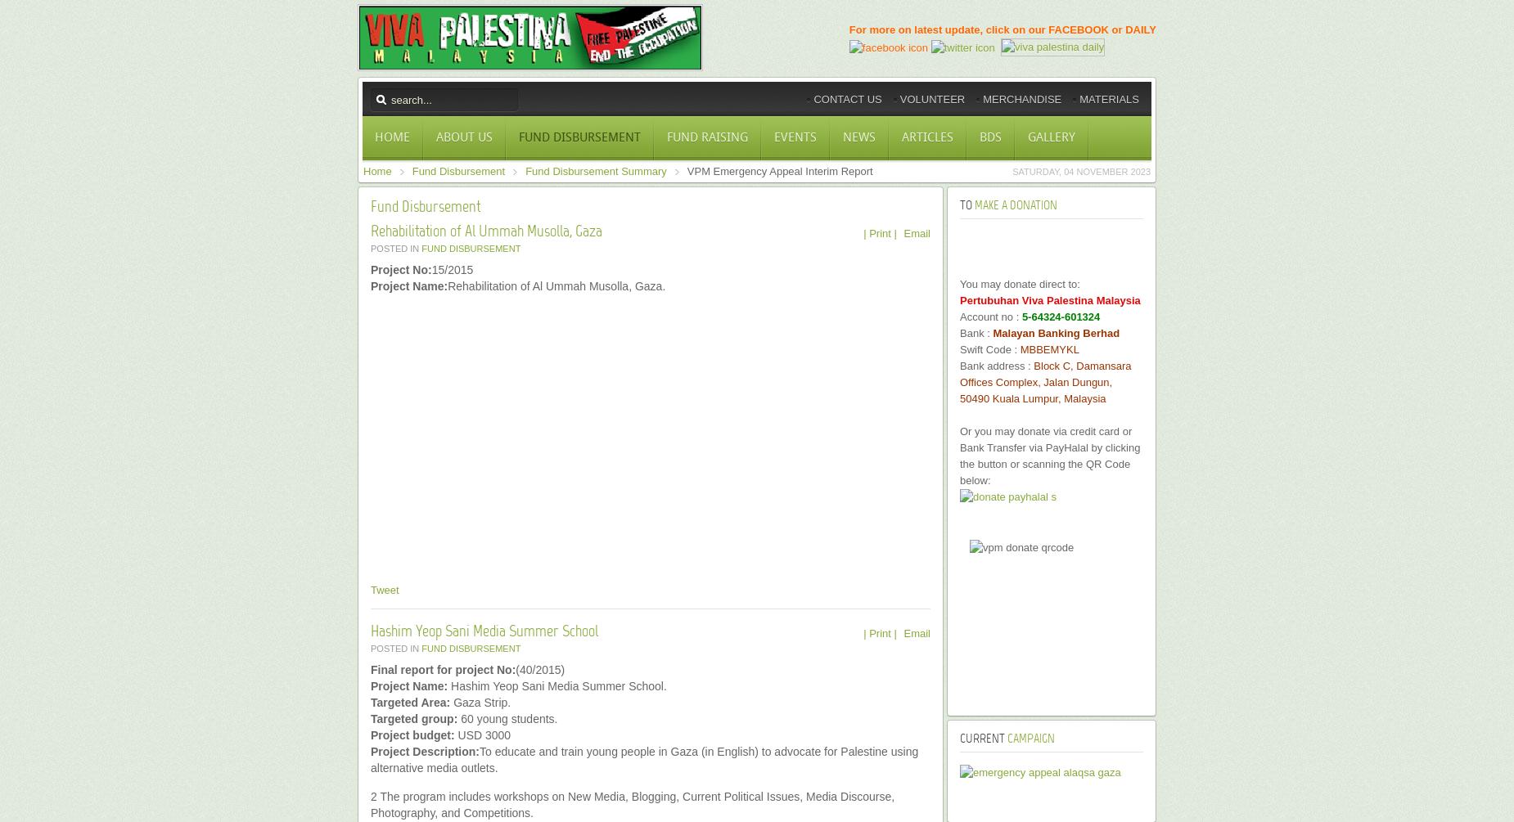 This screenshot has width=1514, height=822. I want to click on 'Hashim Yeop Sani Media Summer School', so click(484, 632).